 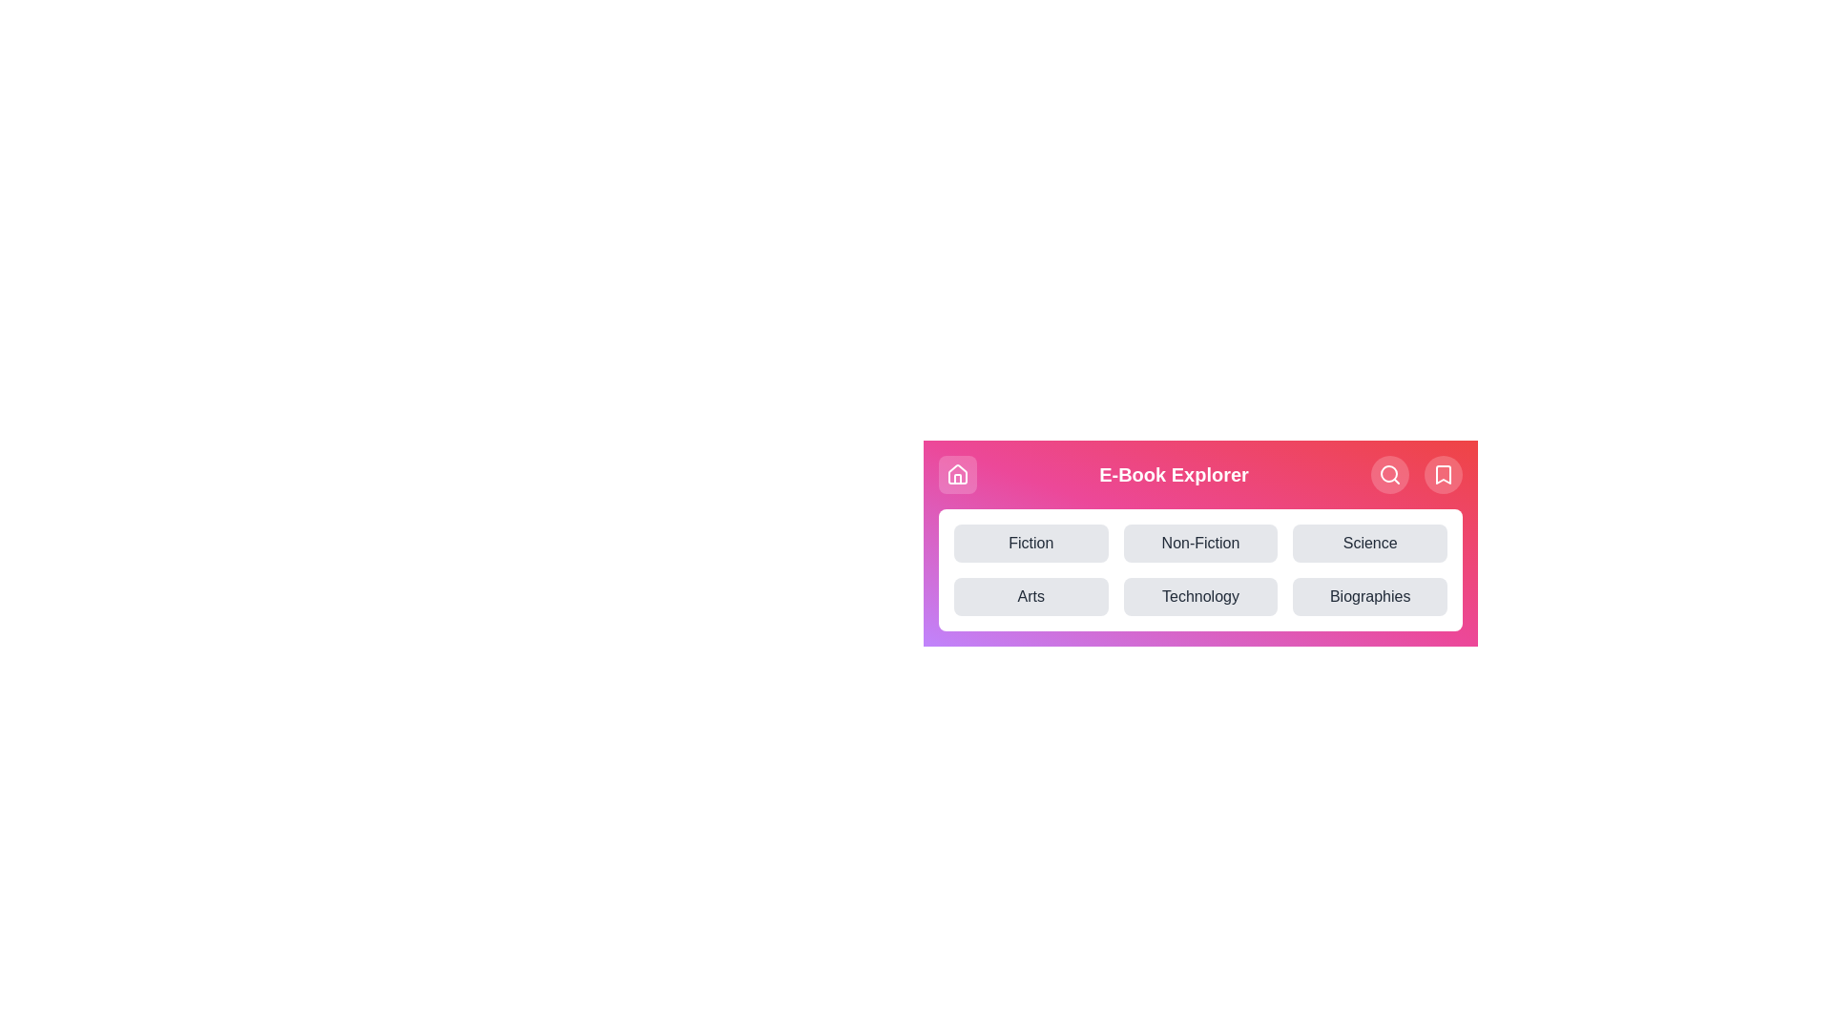 I want to click on the category button labeled Arts, so click(x=1030, y=595).